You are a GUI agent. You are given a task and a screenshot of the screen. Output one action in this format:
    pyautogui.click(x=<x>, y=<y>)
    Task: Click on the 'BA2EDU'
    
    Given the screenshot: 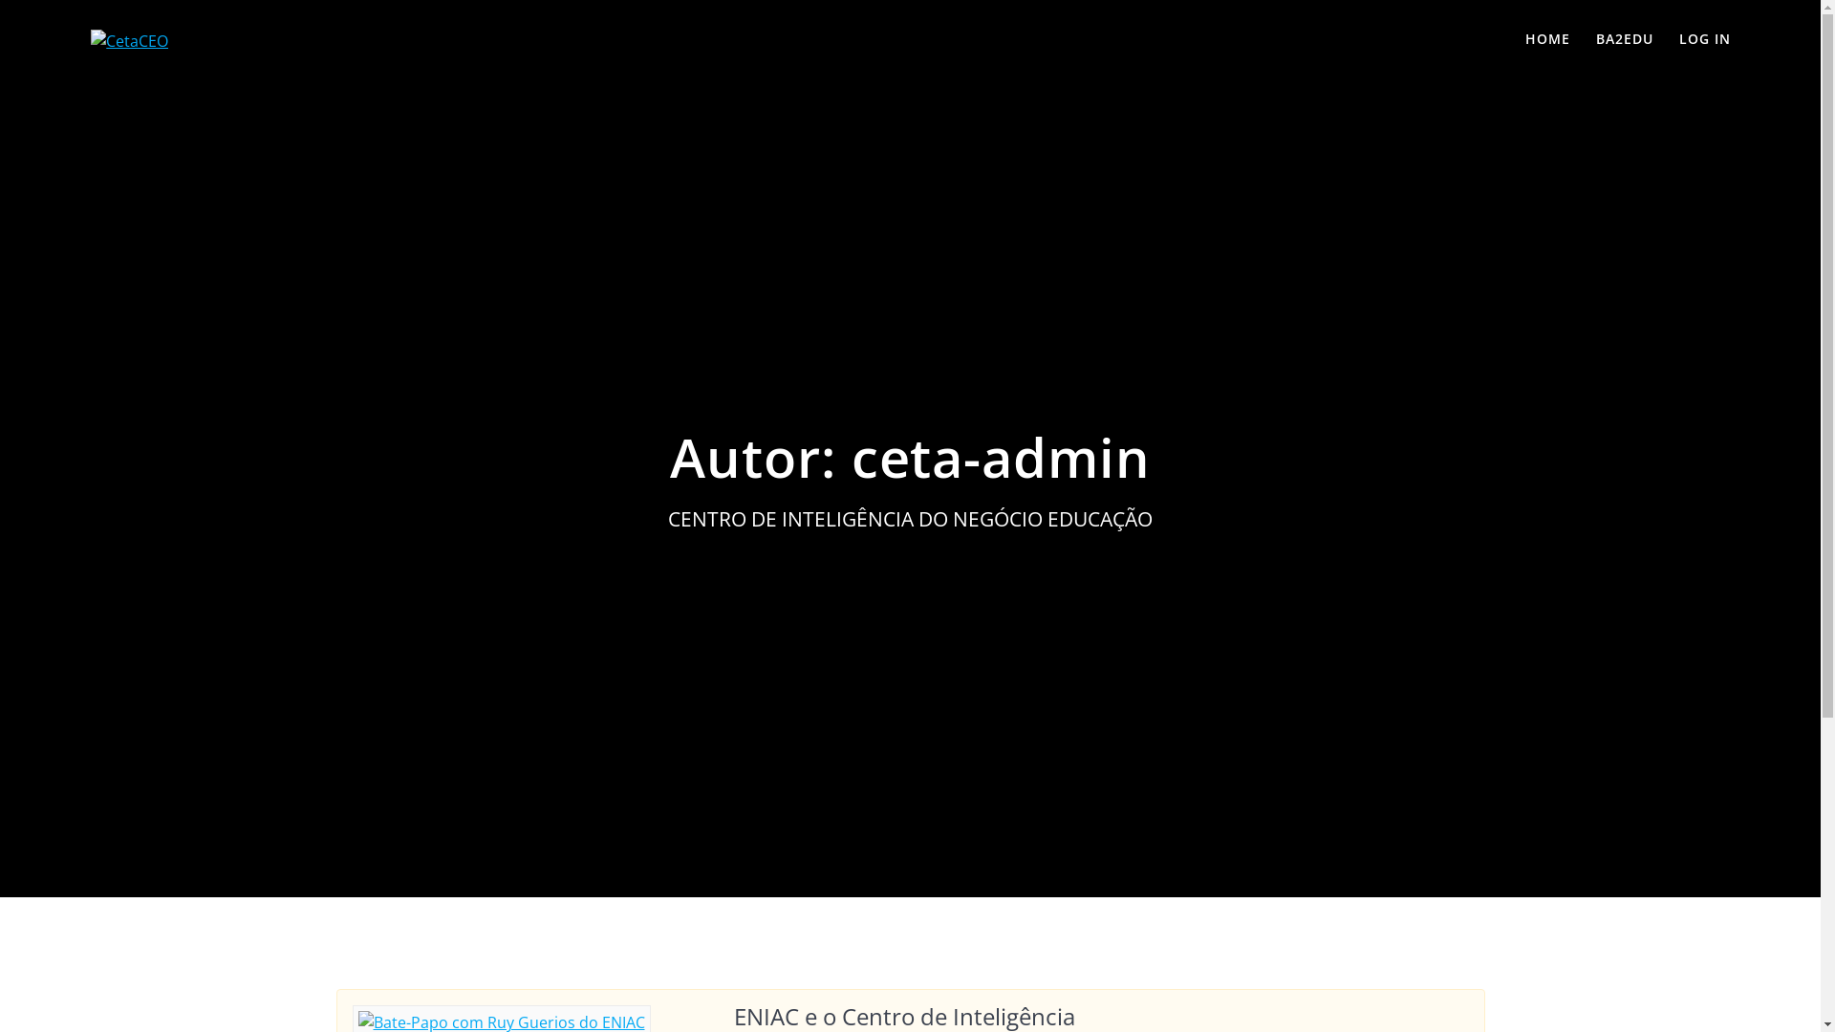 What is the action you would take?
    pyautogui.click(x=1623, y=40)
    